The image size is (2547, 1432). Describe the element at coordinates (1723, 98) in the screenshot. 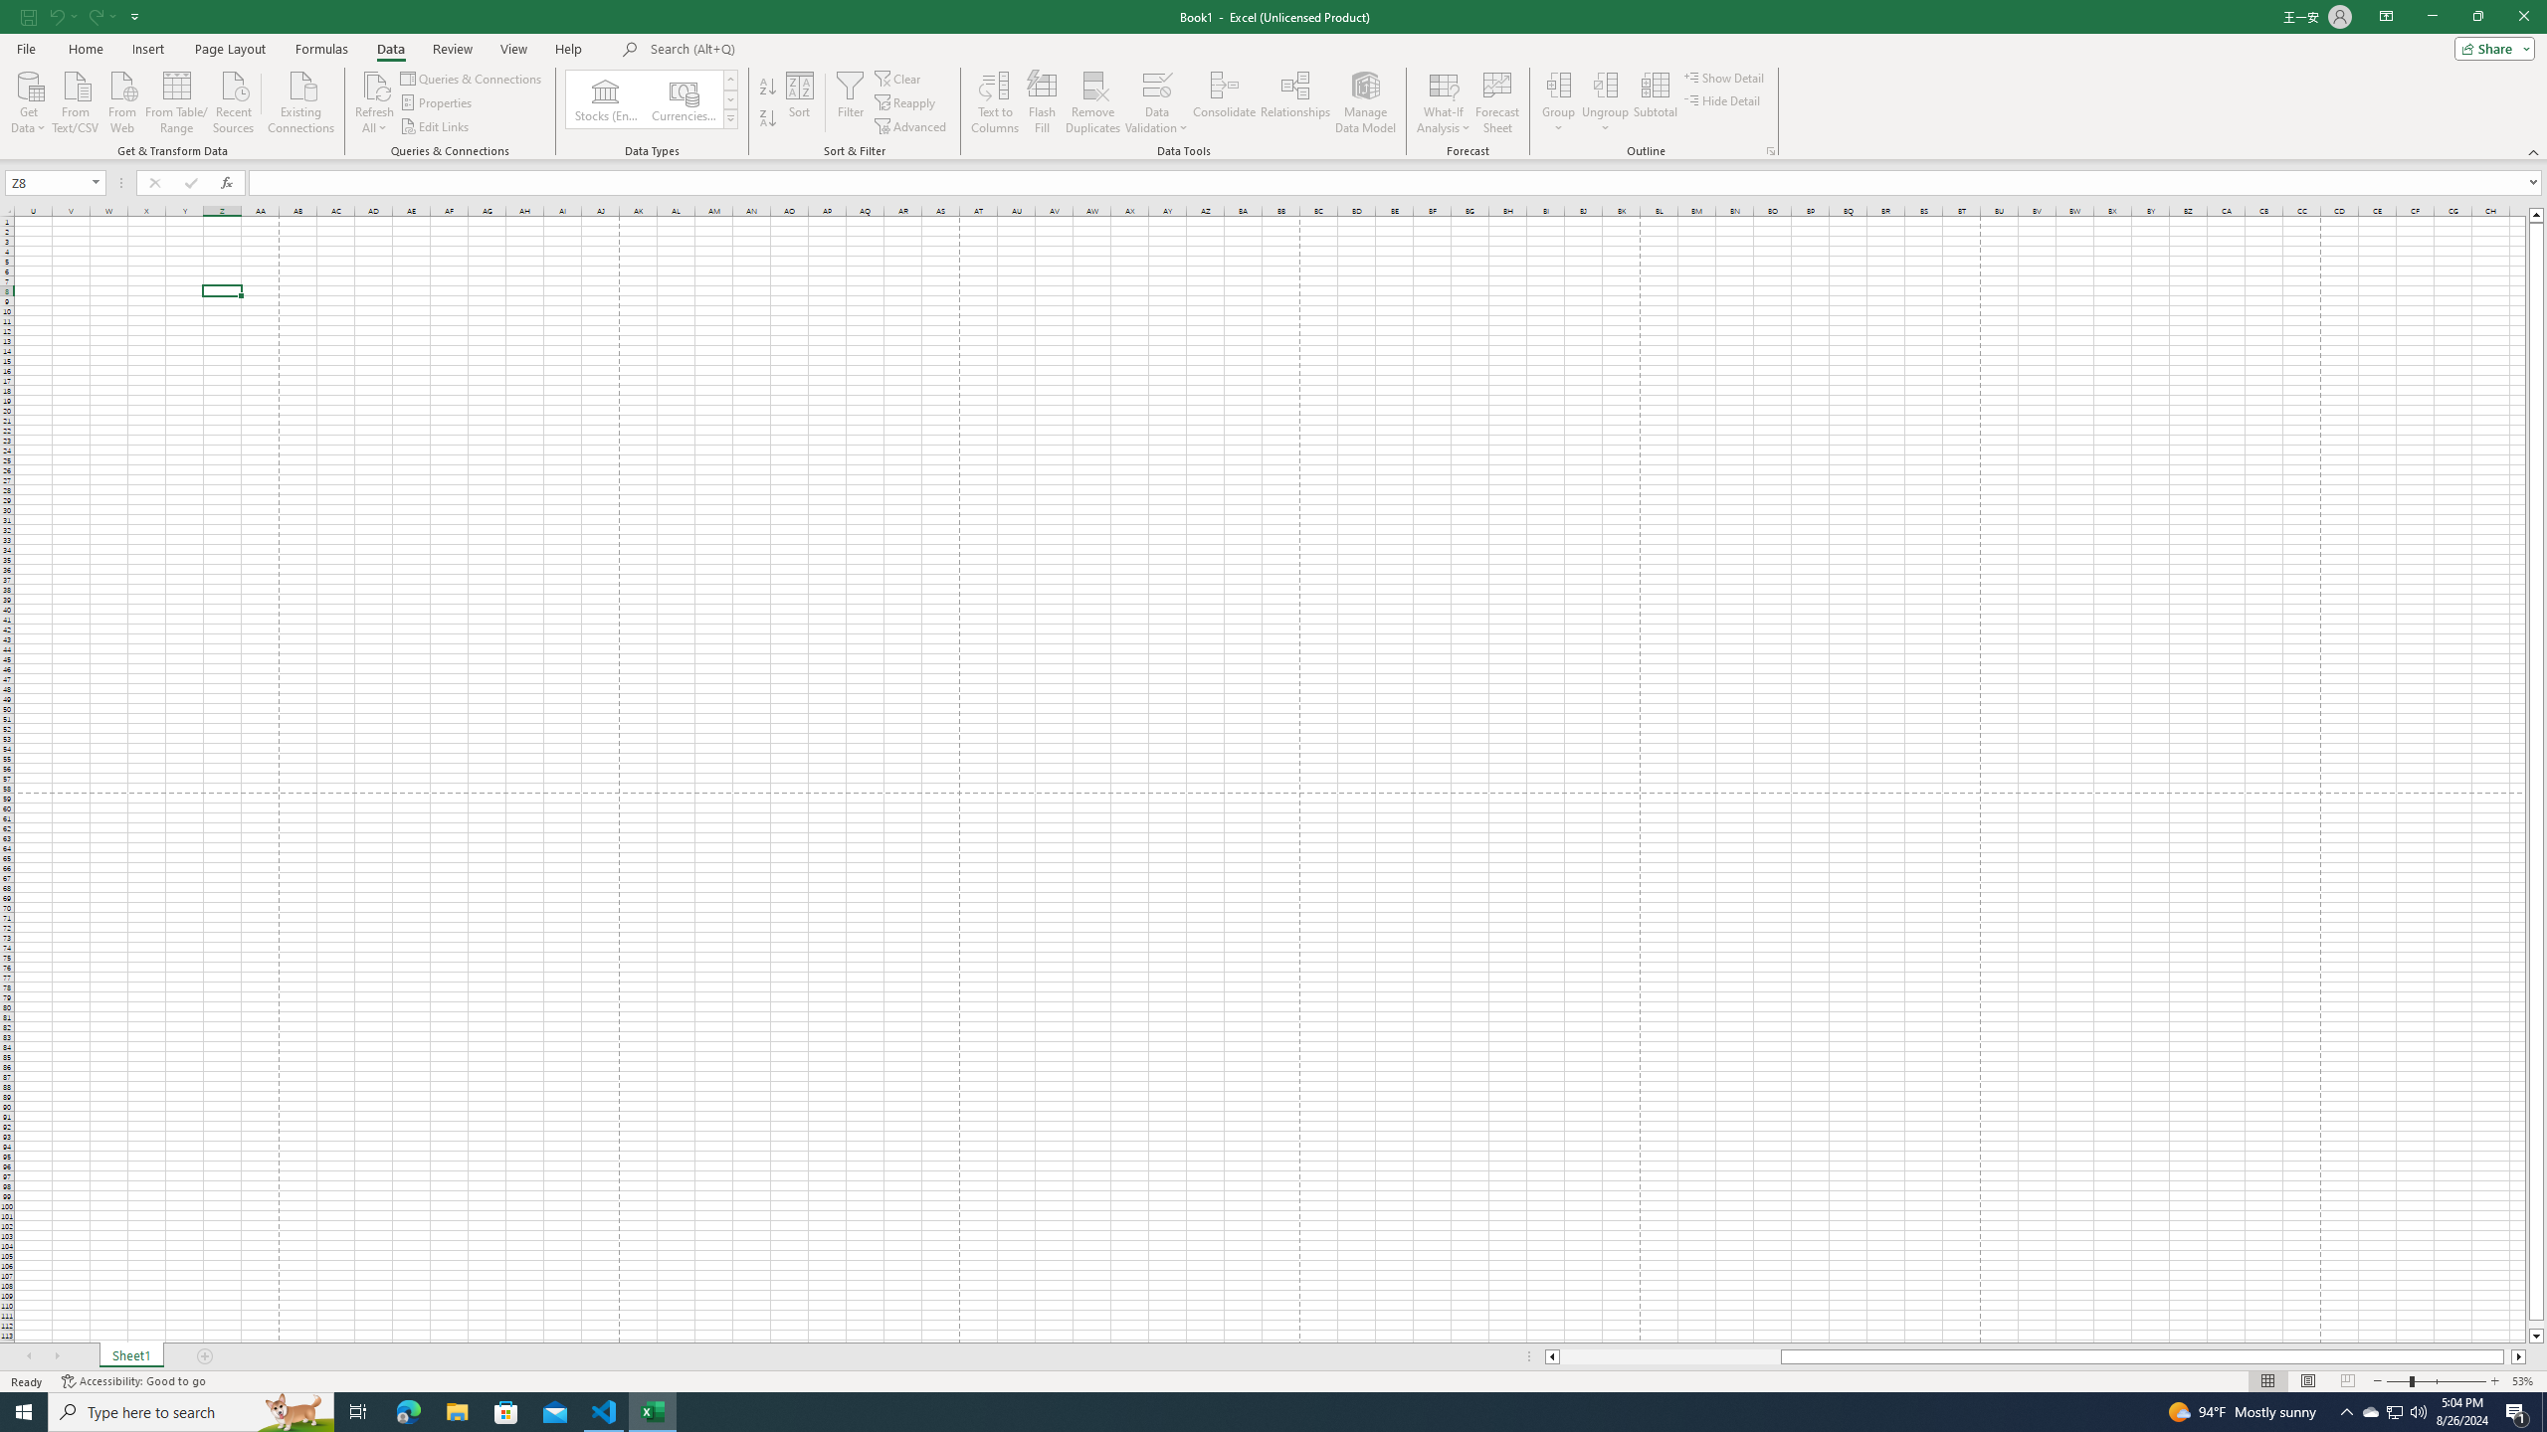

I see `'Hide Detail'` at that location.